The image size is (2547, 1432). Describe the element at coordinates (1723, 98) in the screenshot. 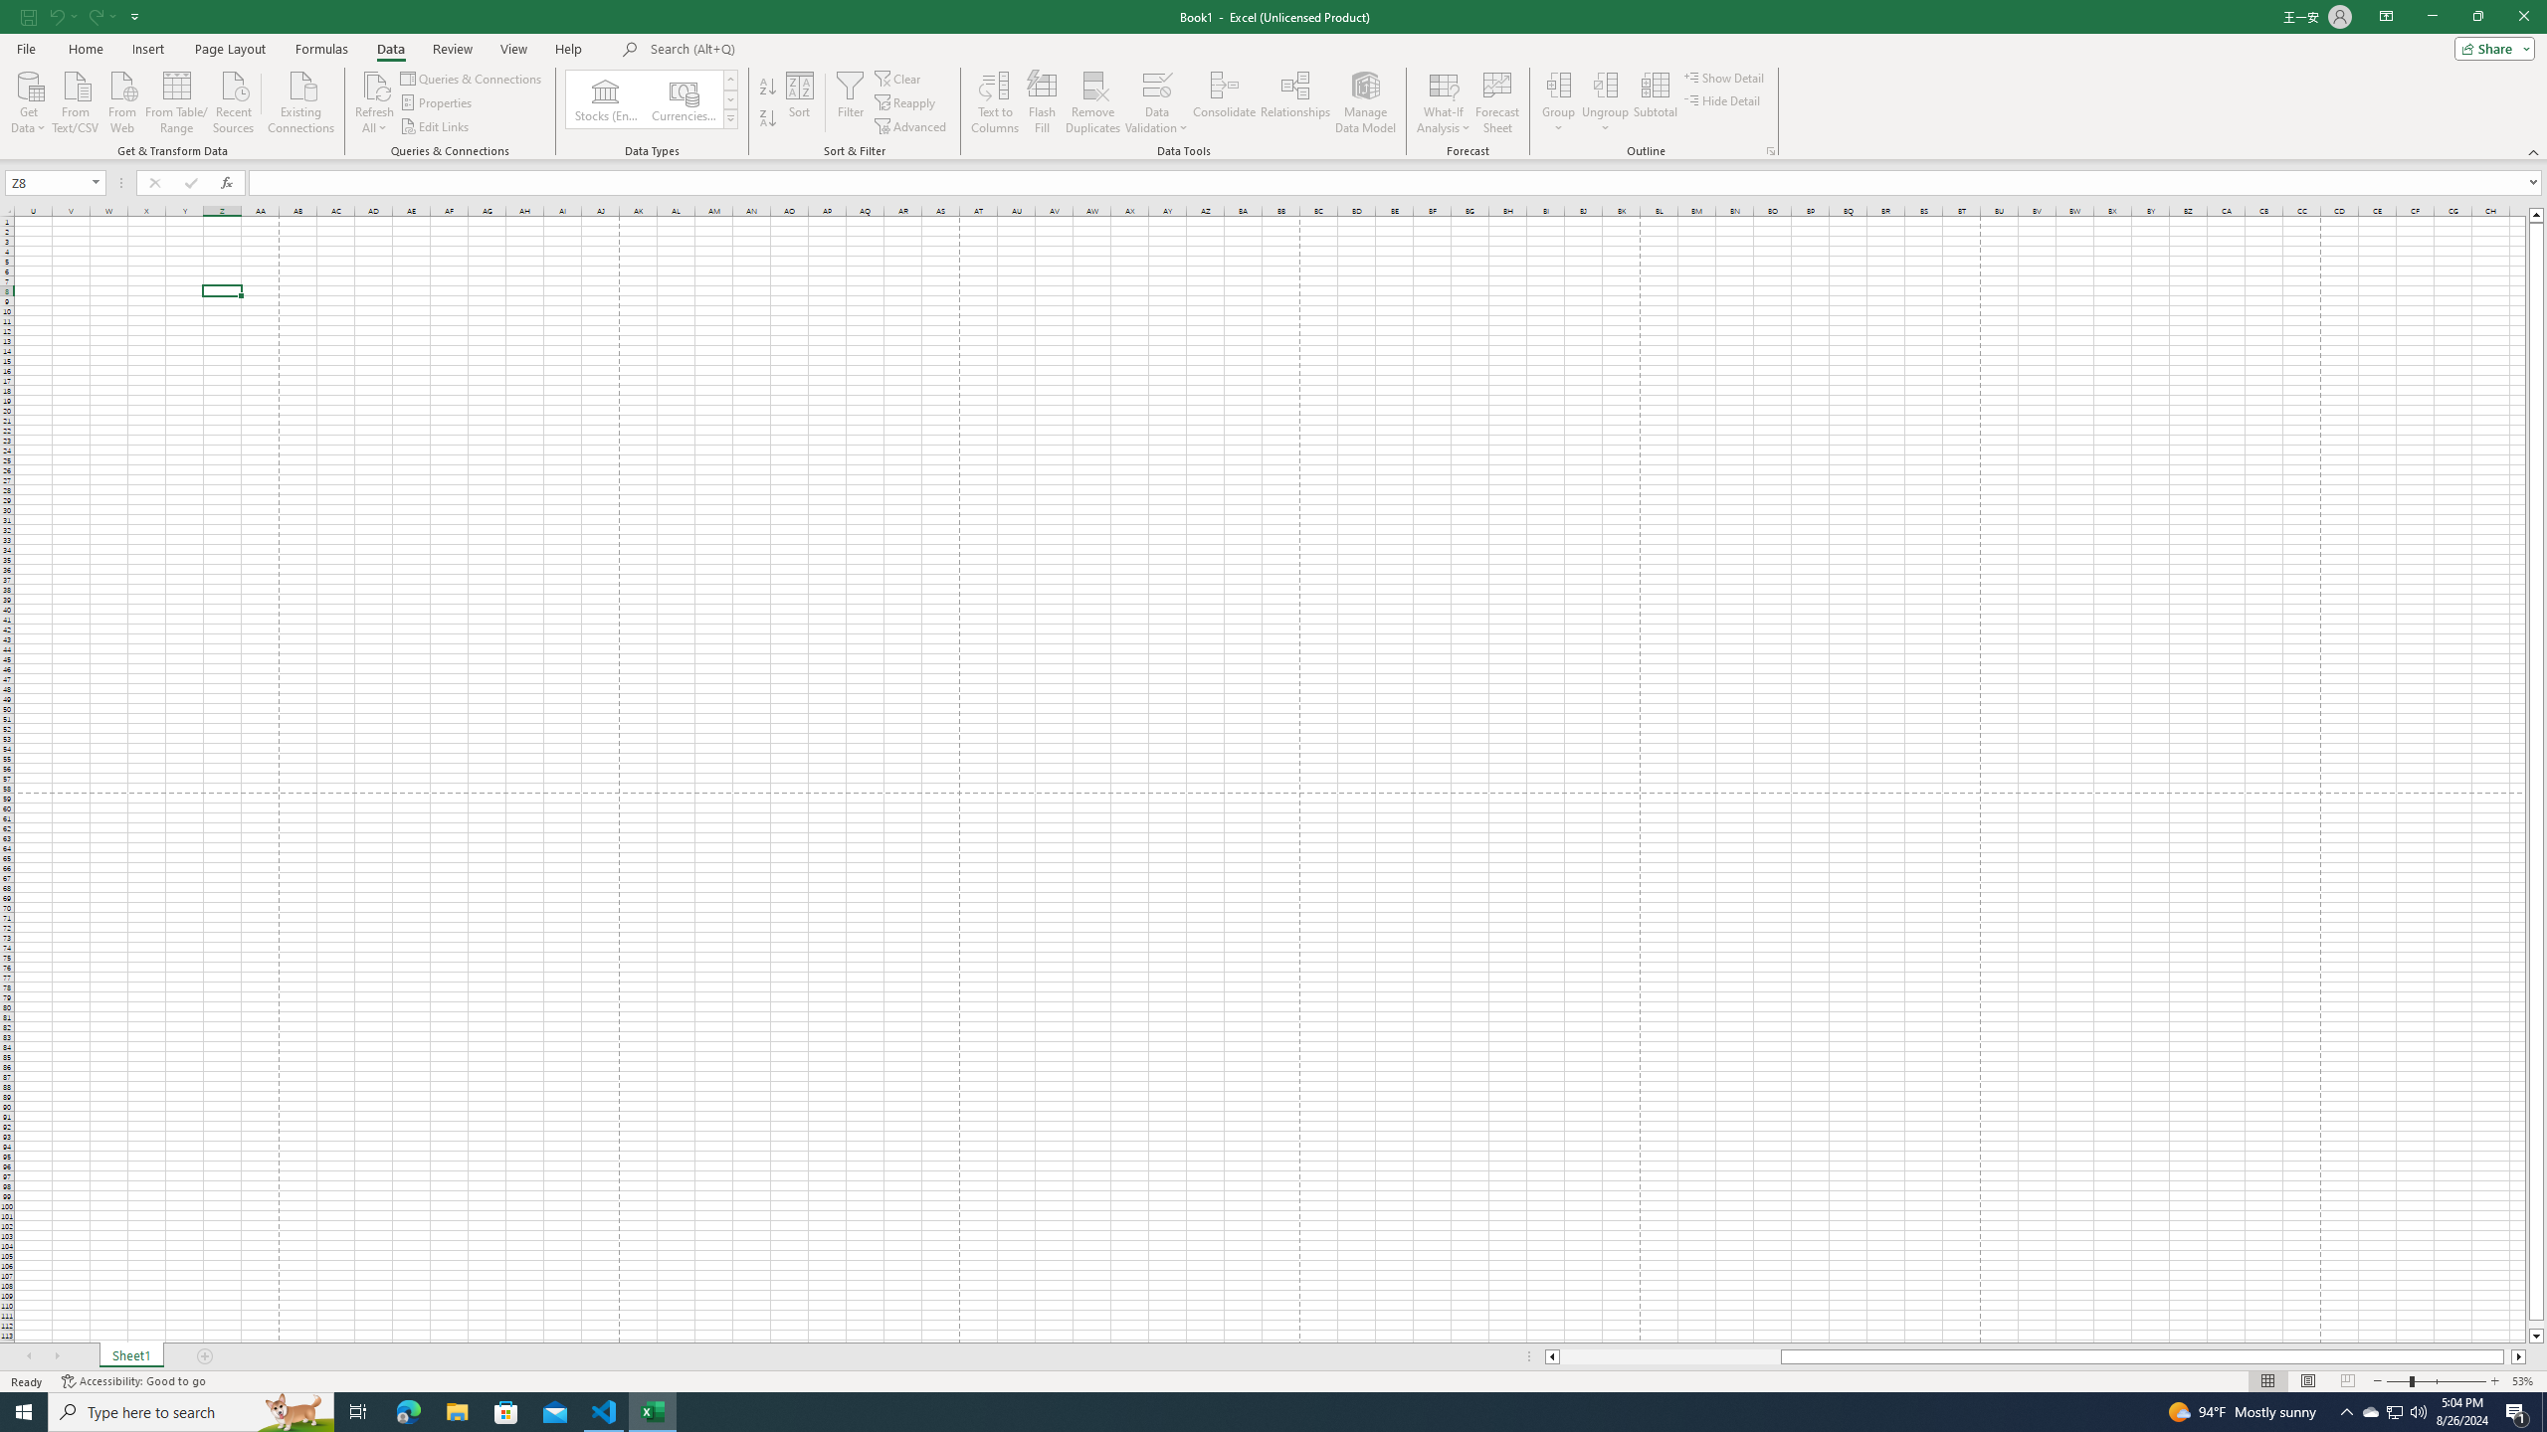

I see `'Hide Detail'` at that location.